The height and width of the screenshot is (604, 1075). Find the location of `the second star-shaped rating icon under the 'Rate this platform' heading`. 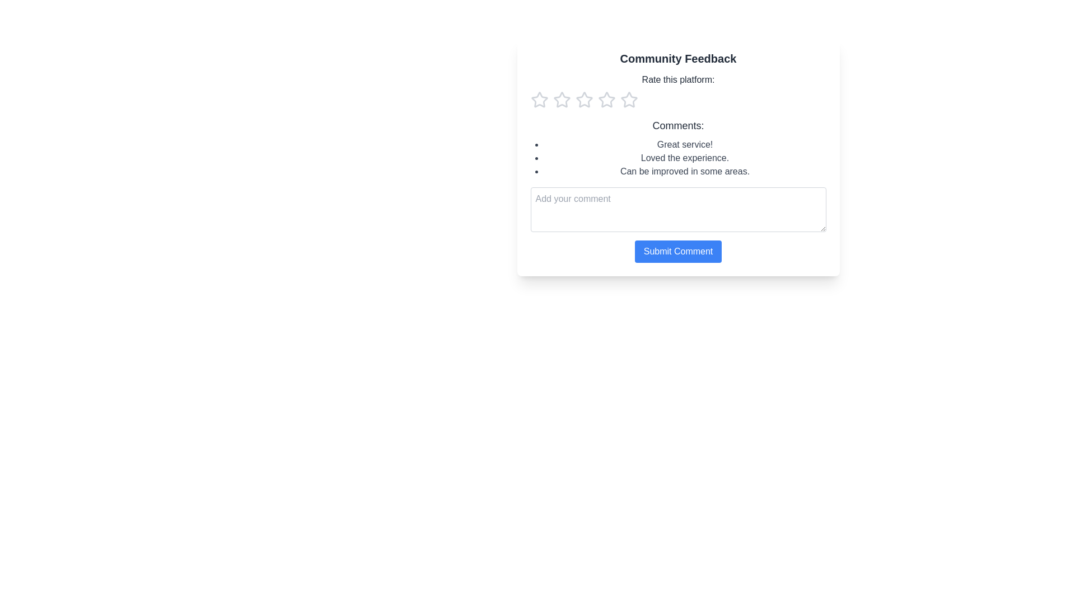

the second star-shaped rating icon under the 'Rate this platform' heading is located at coordinates (629, 99).